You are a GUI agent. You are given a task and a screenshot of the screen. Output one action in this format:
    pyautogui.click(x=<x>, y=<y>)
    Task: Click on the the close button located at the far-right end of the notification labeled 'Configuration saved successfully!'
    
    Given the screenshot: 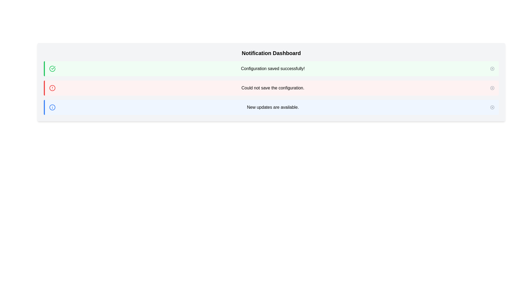 What is the action you would take?
    pyautogui.click(x=492, y=68)
    